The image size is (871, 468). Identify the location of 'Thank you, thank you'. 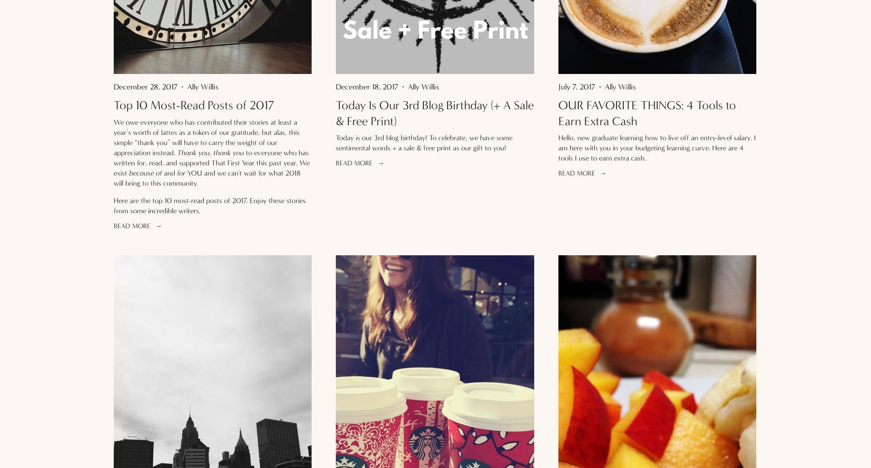
(177, 151).